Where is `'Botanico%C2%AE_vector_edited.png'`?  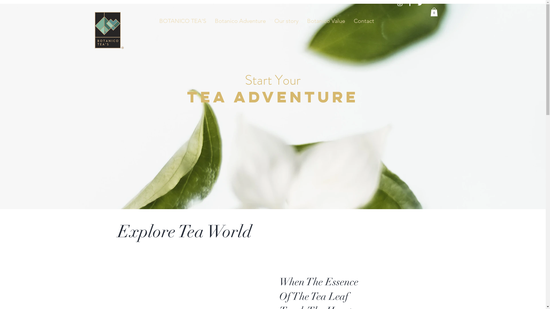 'Botanico%C2%AE_vector_edited.png' is located at coordinates (105, 33).